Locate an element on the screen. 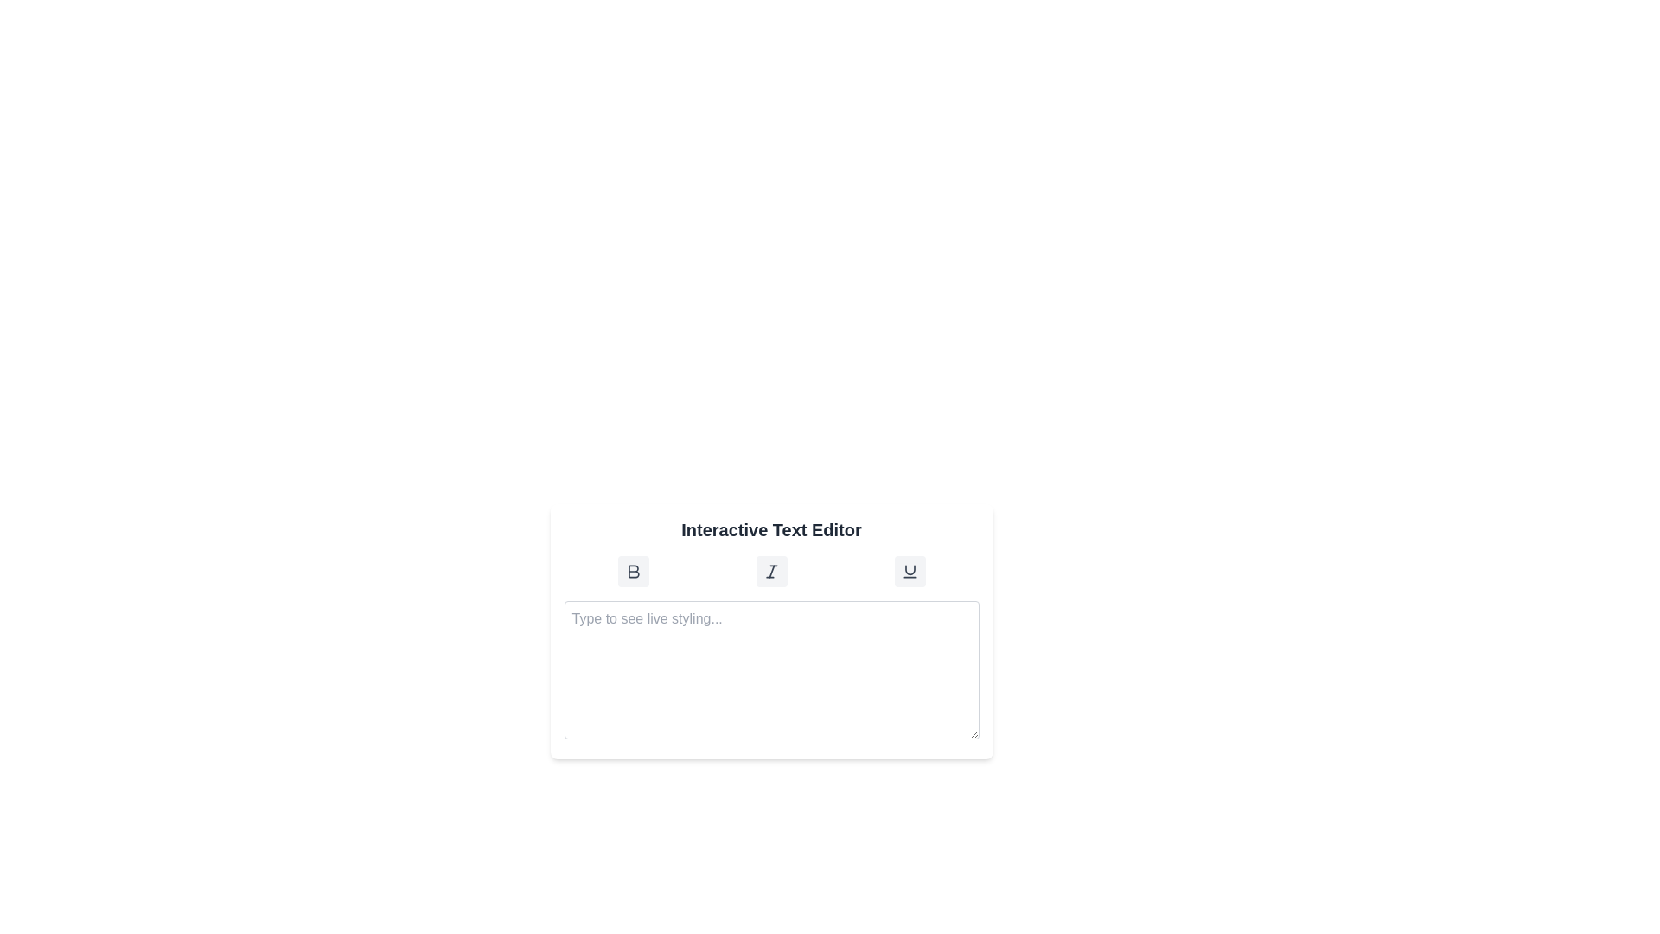 This screenshot has width=1660, height=934. the stylized underline icon located on the right side of the text formatting tool panel is located at coordinates (909, 571).